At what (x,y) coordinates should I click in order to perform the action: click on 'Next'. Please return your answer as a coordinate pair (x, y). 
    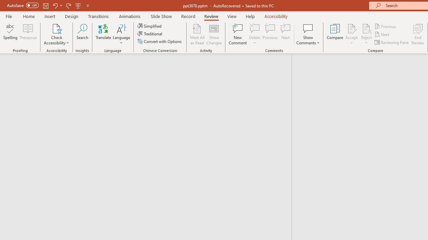
    Looking at the image, I should click on (383, 34).